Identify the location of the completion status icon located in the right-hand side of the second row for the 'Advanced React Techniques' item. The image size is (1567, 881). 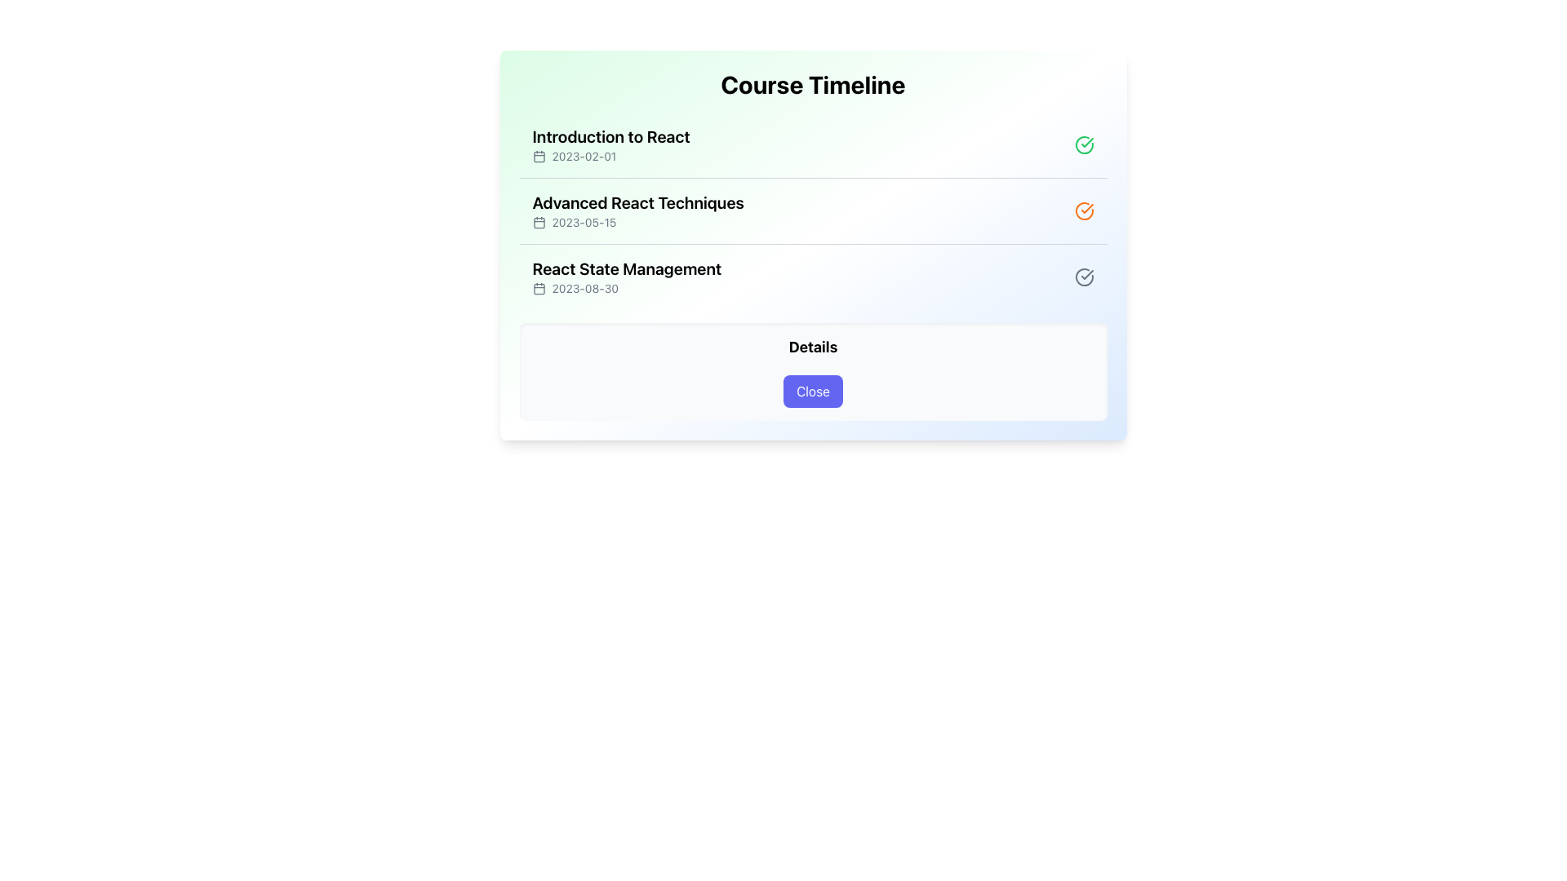
(1086, 207).